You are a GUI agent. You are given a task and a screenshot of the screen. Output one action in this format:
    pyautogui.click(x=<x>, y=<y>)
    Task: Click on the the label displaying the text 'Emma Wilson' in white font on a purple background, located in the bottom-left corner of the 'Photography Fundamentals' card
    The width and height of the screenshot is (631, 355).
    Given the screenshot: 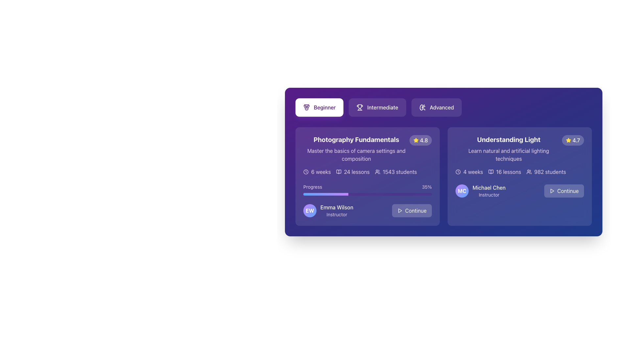 What is the action you would take?
    pyautogui.click(x=337, y=207)
    